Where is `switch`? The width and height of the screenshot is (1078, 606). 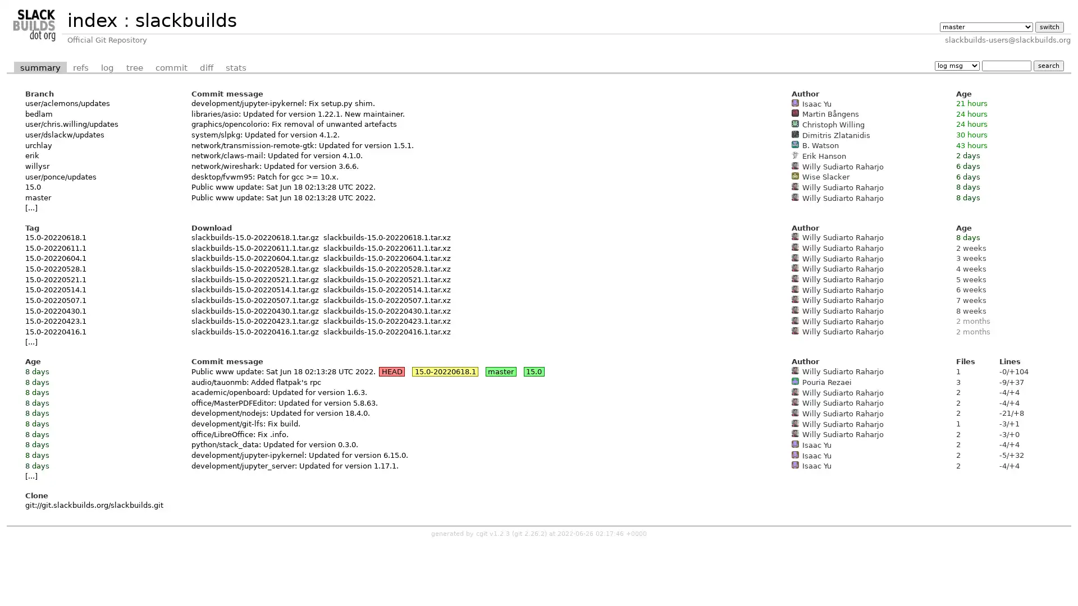 switch is located at coordinates (1048, 26).